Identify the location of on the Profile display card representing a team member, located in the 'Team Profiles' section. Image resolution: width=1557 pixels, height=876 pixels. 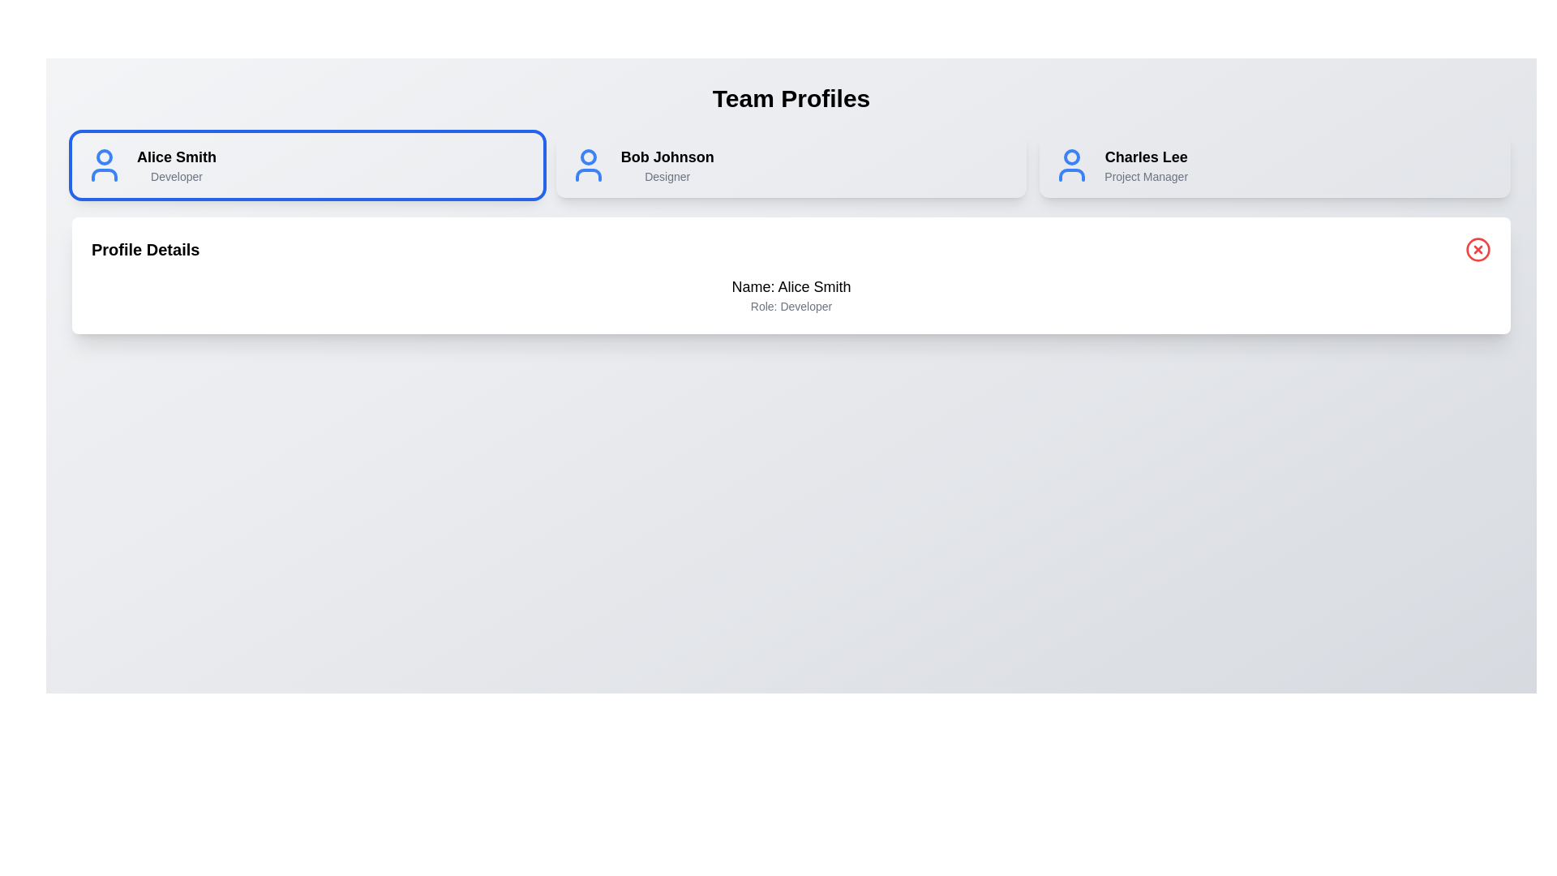
(791, 165).